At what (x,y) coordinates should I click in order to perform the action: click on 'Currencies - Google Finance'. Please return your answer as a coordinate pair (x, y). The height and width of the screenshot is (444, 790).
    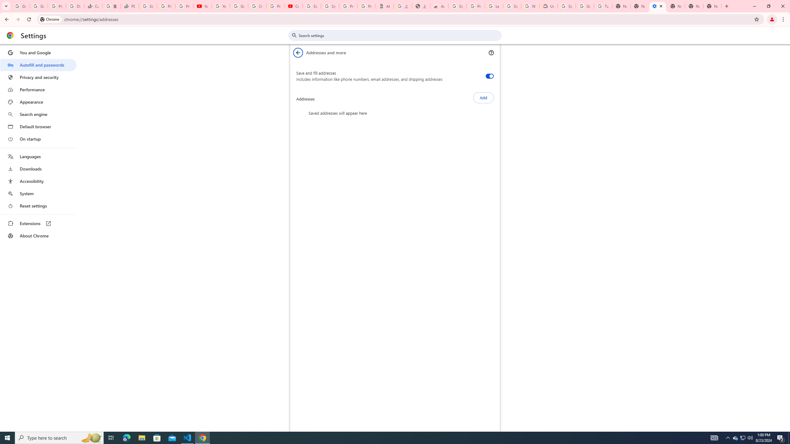
    Looking at the image, I should click on (93, 6).